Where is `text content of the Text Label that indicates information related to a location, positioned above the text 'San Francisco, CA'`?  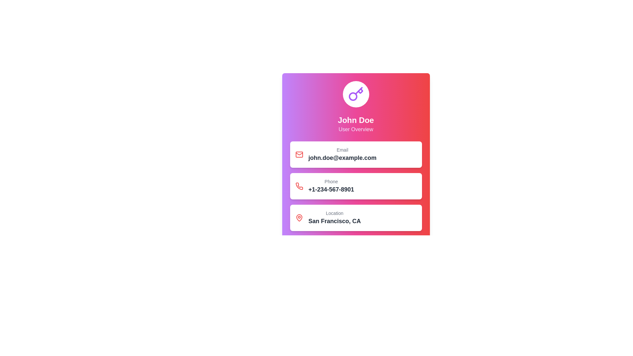
text content of the Text Label that indicates information related to a location, positioned above the text 'San Francisco, CA' is located at coordinates (335, 213).